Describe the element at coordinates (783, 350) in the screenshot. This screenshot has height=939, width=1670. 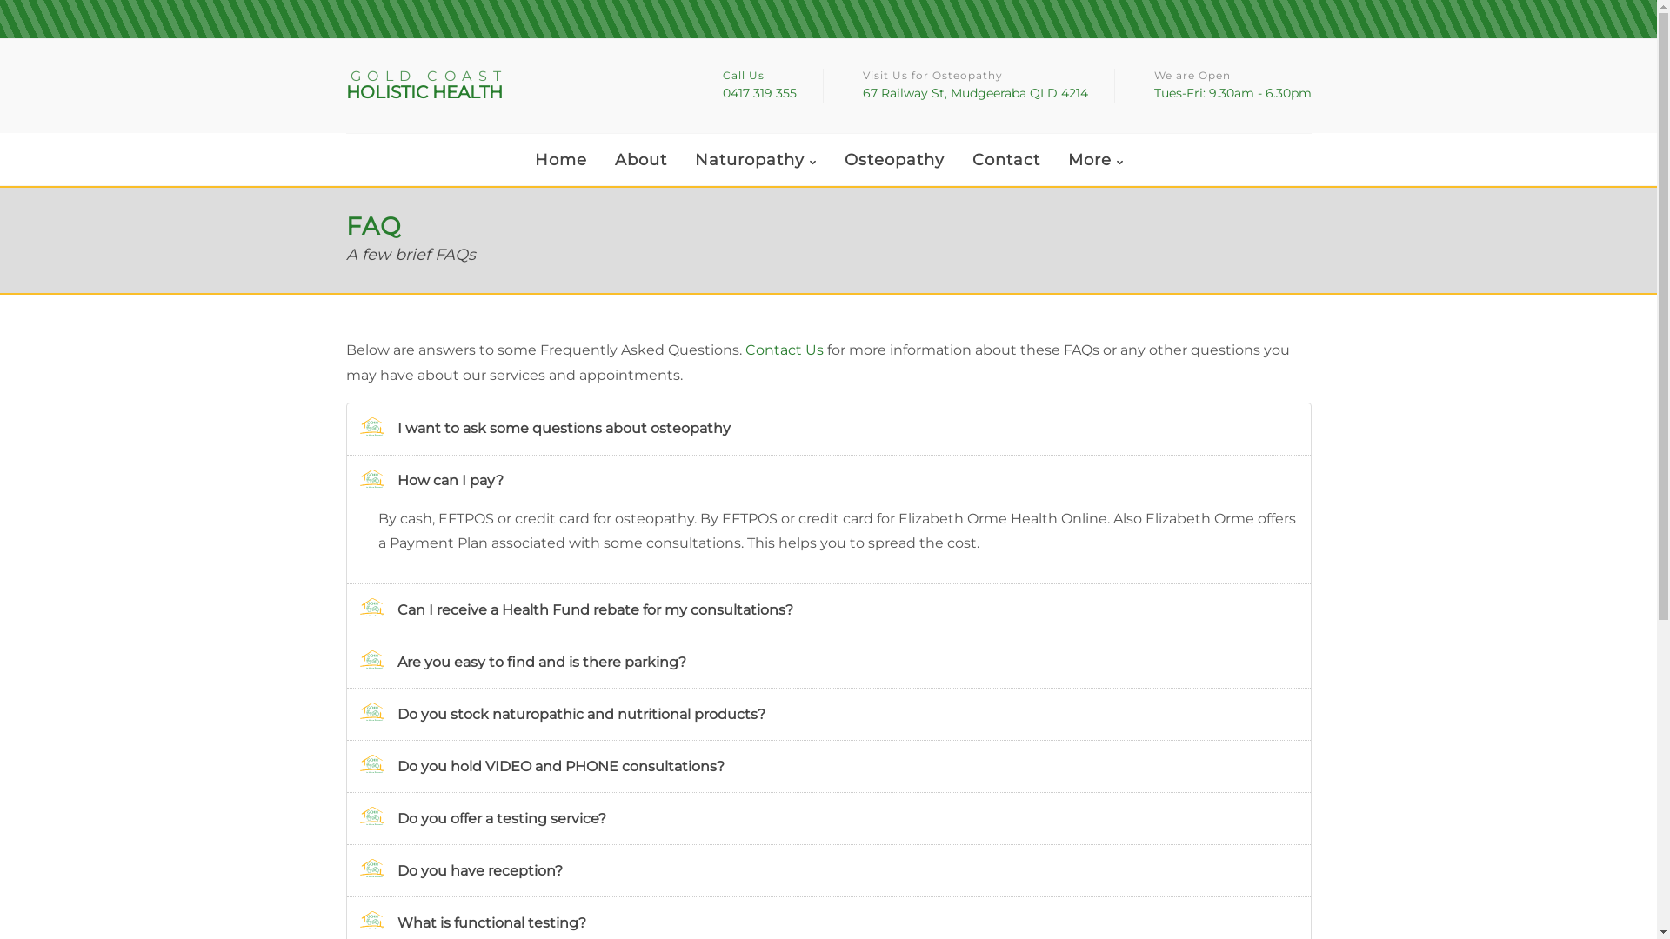
I see `'Contact Us'` at that location.